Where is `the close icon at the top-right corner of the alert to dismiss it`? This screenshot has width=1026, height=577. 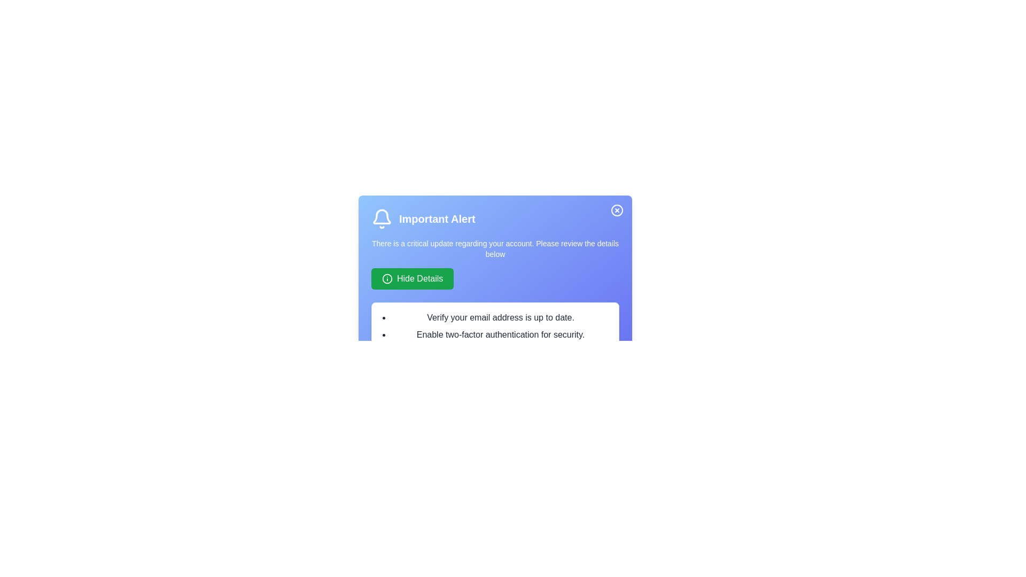
the close icon at the top-right corner of the alert to dismiss it is located at coordinates (617, 210).